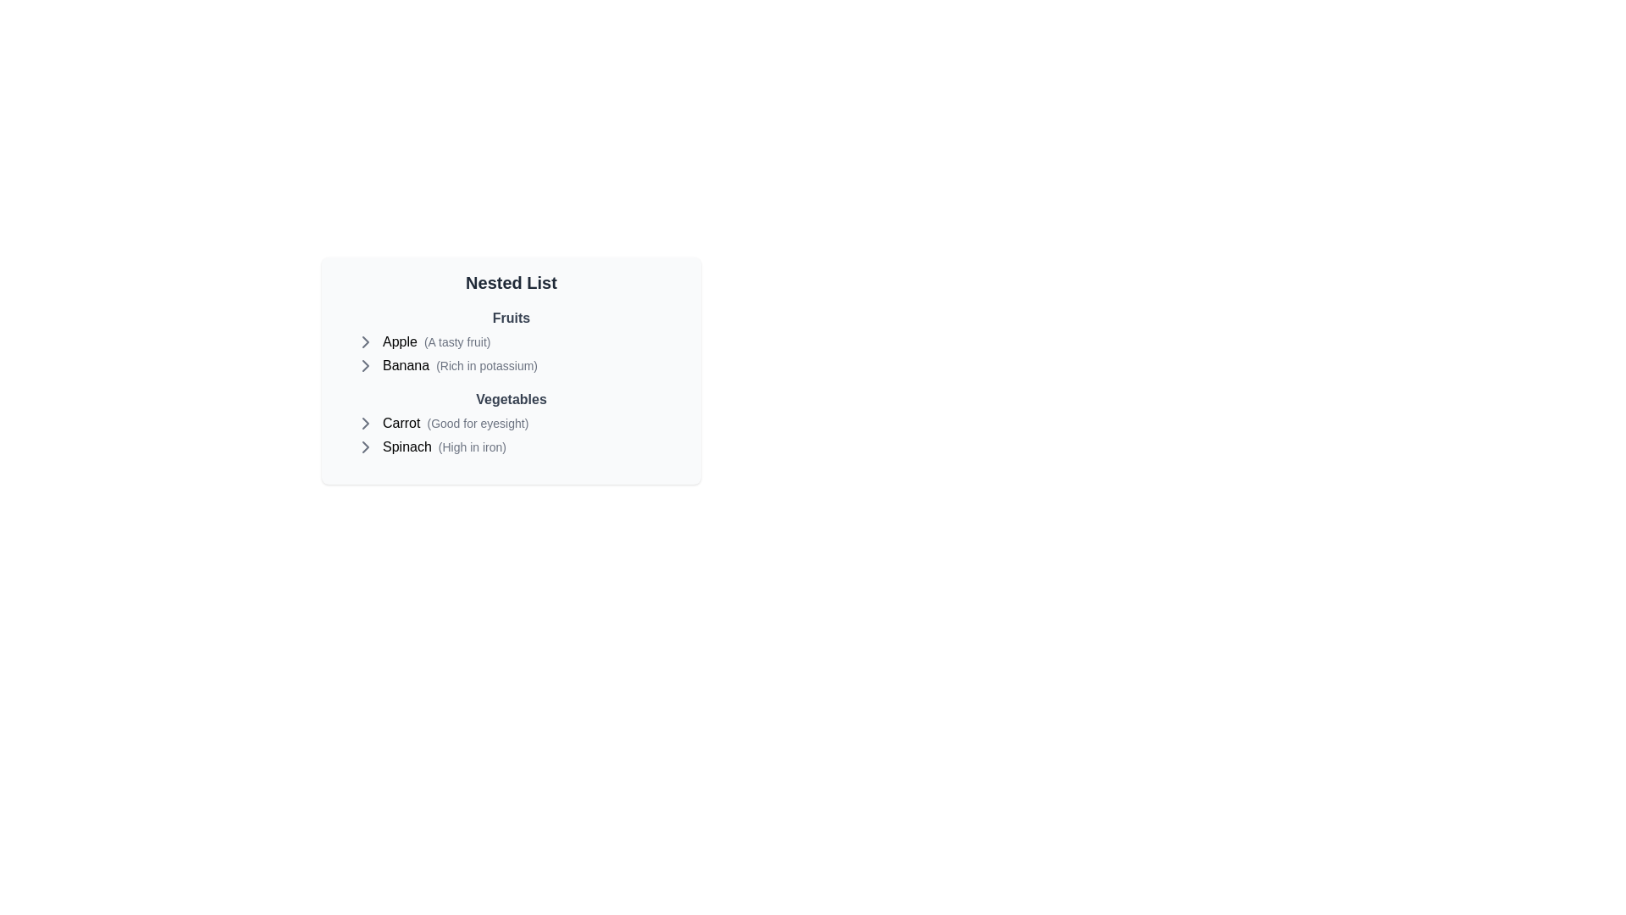  I want to click on the text of the item Apple, so click(399, 342).